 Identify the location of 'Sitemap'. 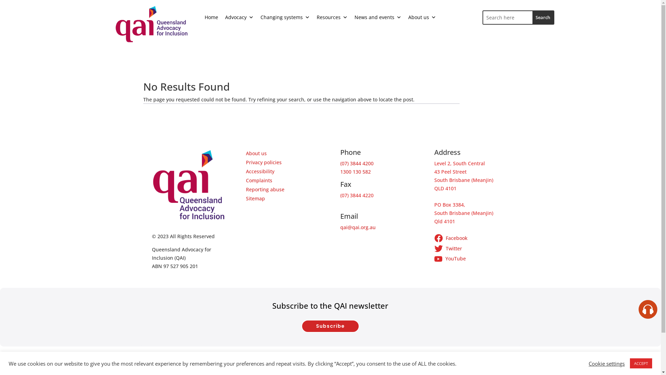
(255, 198).